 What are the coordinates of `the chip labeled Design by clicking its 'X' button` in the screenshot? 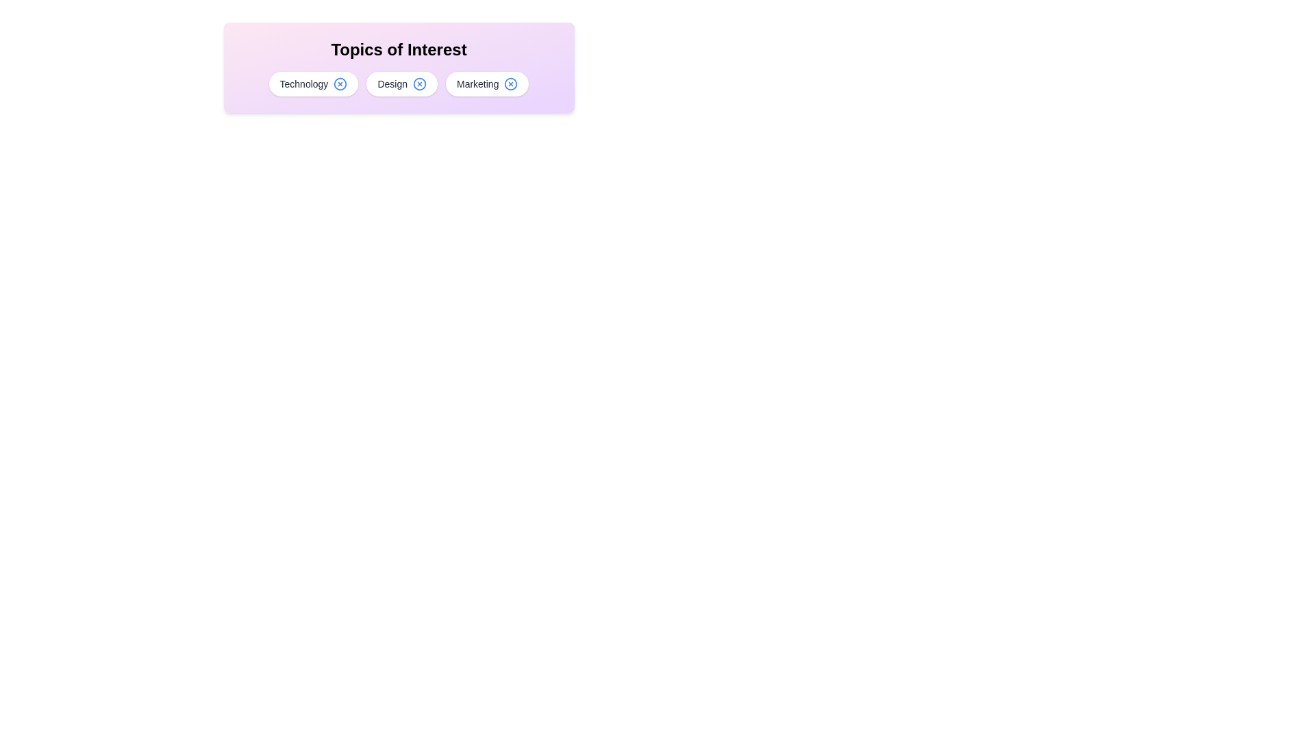 It's located at (419, 84).